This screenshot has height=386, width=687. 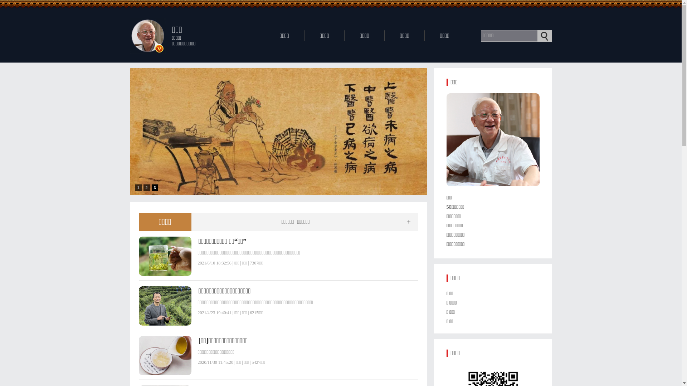 What do you see at coordinates (409, 222) in the screenshot?
I see `'+'` at bounding box center [409, 222].